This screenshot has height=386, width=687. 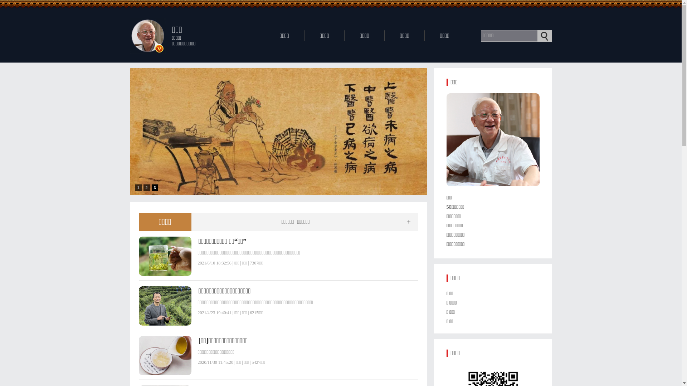 What do you see at coordinates (409, 222) in the screenshot?
I see `'+'` at bounding box center [409, 222].